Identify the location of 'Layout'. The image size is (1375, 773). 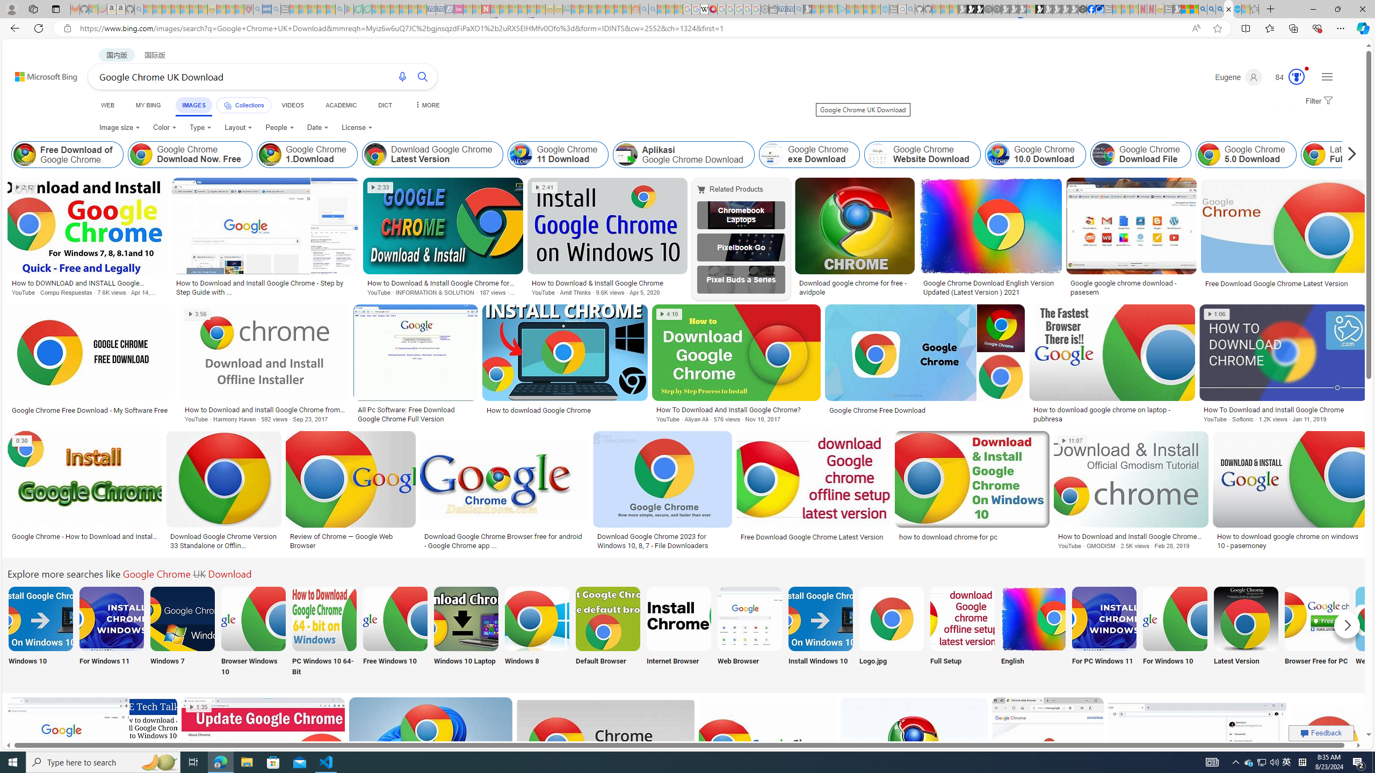
(238, 127).